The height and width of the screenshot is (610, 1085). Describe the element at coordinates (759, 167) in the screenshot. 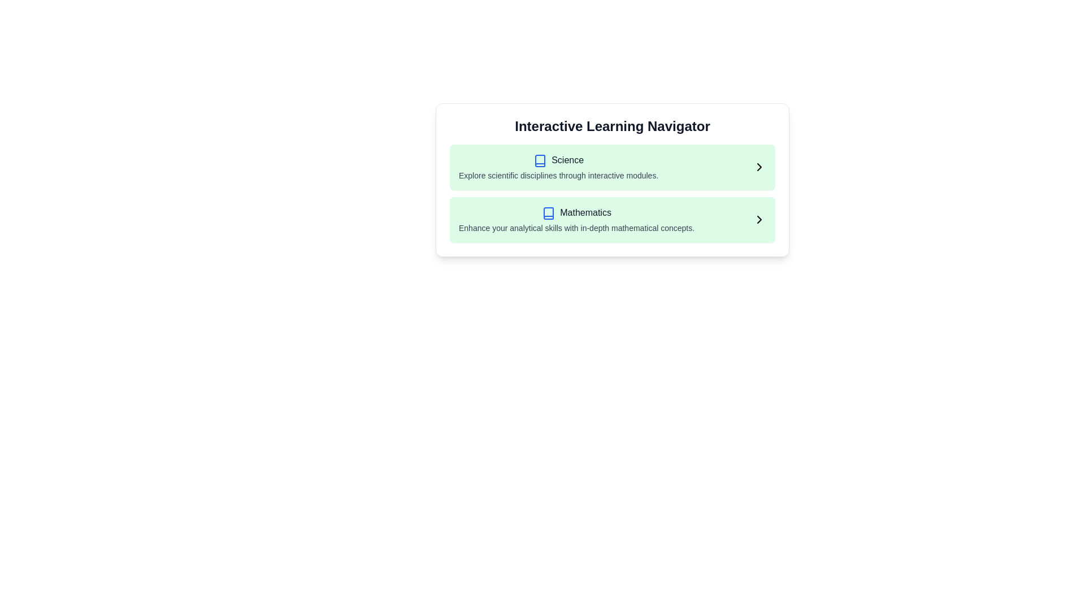

I see `the right-pointing chevron icon styled with thin black lines and rounded edges, located to the right of the entry titled 'Science'` at that location.